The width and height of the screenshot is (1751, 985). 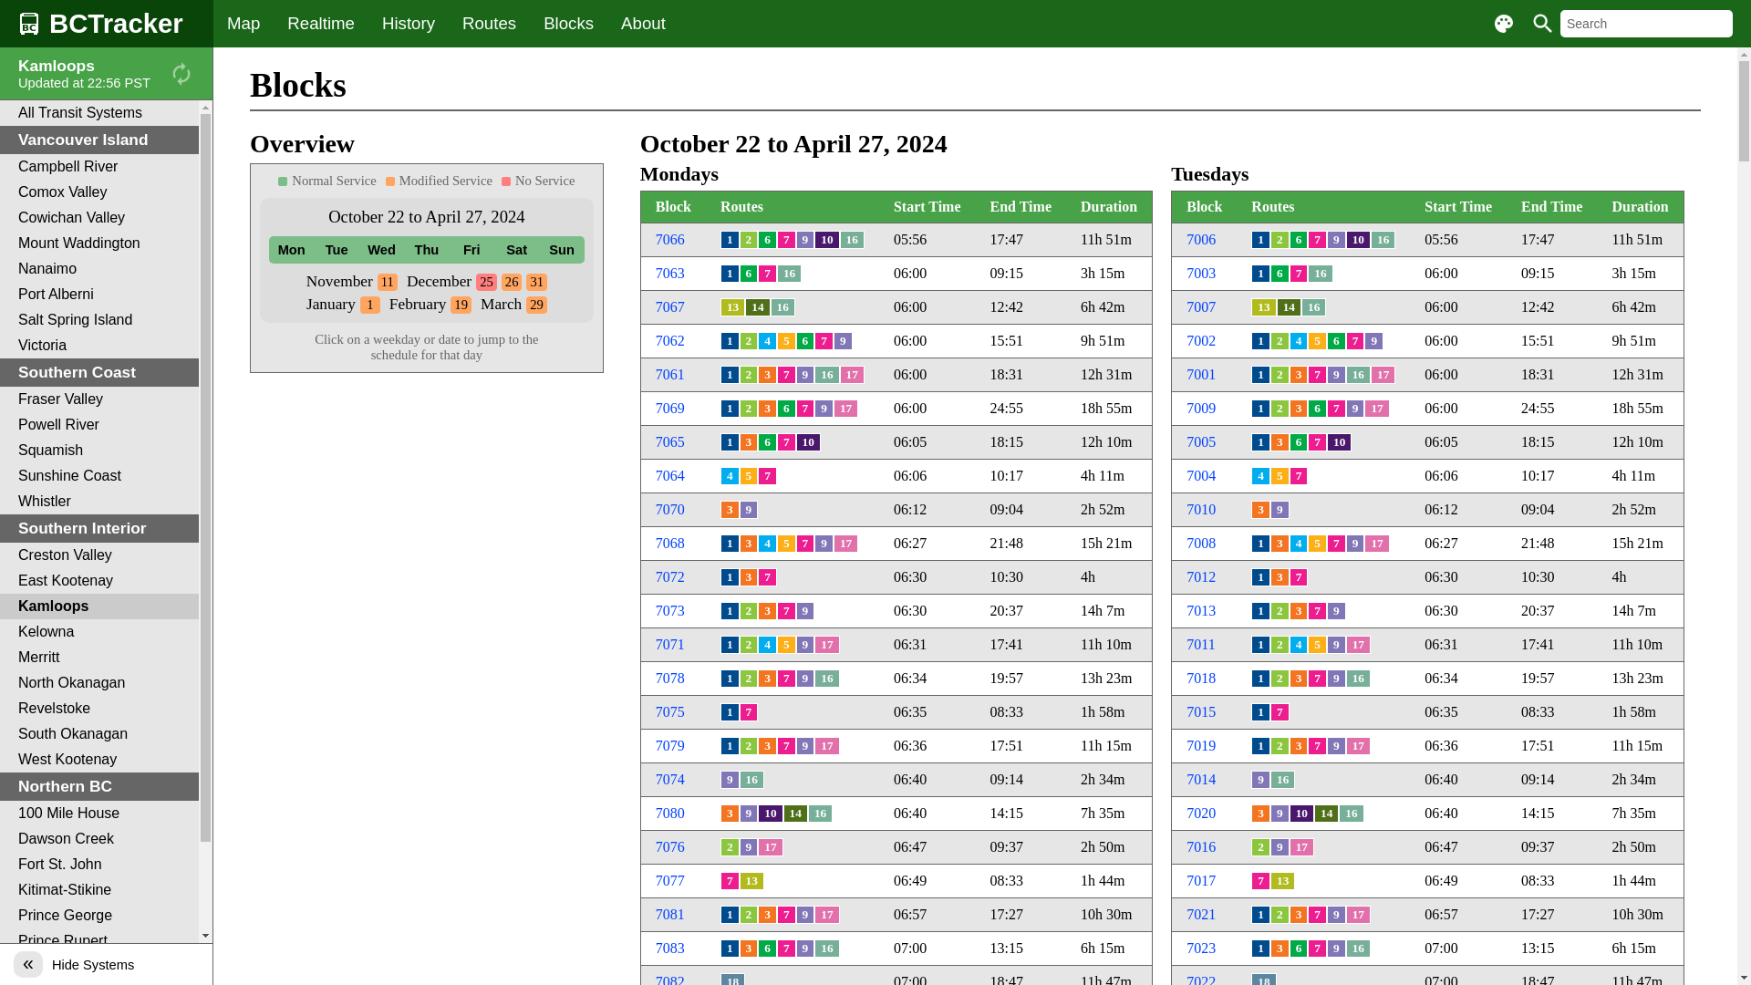 I want to click on '1', so click(x=730, y=407).